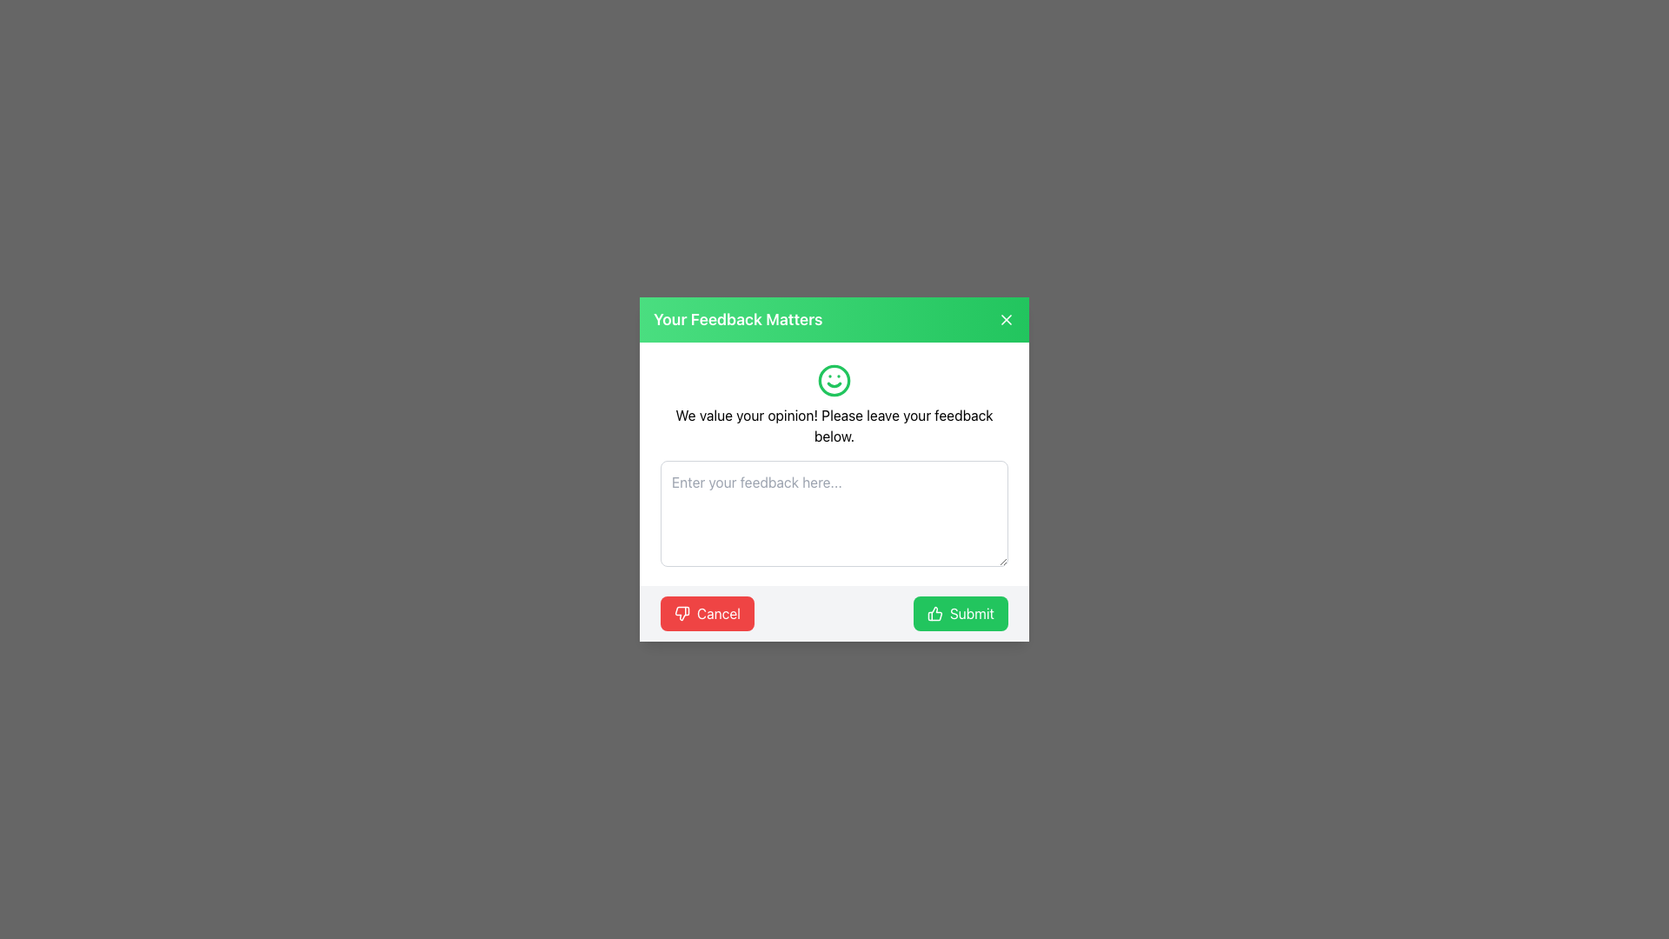  I want to click on the 'thumbs-down' icon with a red background located, so click(682, 612).